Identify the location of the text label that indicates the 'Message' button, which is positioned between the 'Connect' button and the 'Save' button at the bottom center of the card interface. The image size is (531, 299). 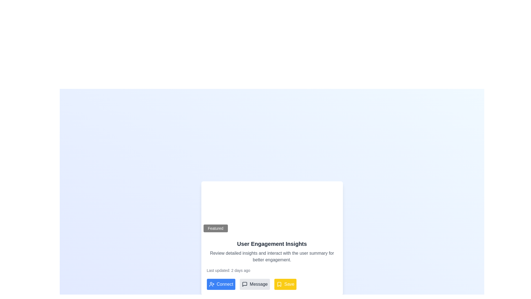
(258, 284).